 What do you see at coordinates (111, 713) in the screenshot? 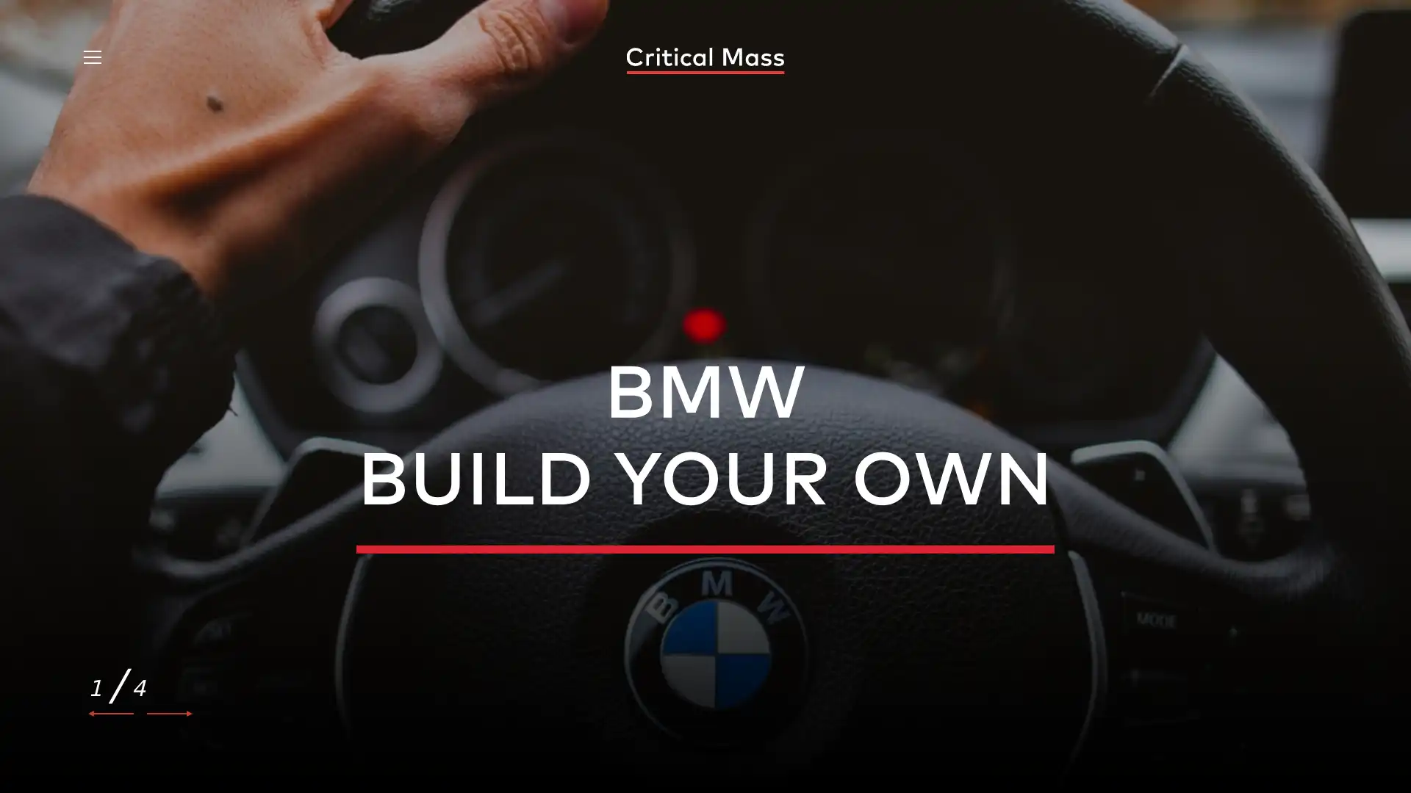
I see `previous` at bounding box center [111, 713].